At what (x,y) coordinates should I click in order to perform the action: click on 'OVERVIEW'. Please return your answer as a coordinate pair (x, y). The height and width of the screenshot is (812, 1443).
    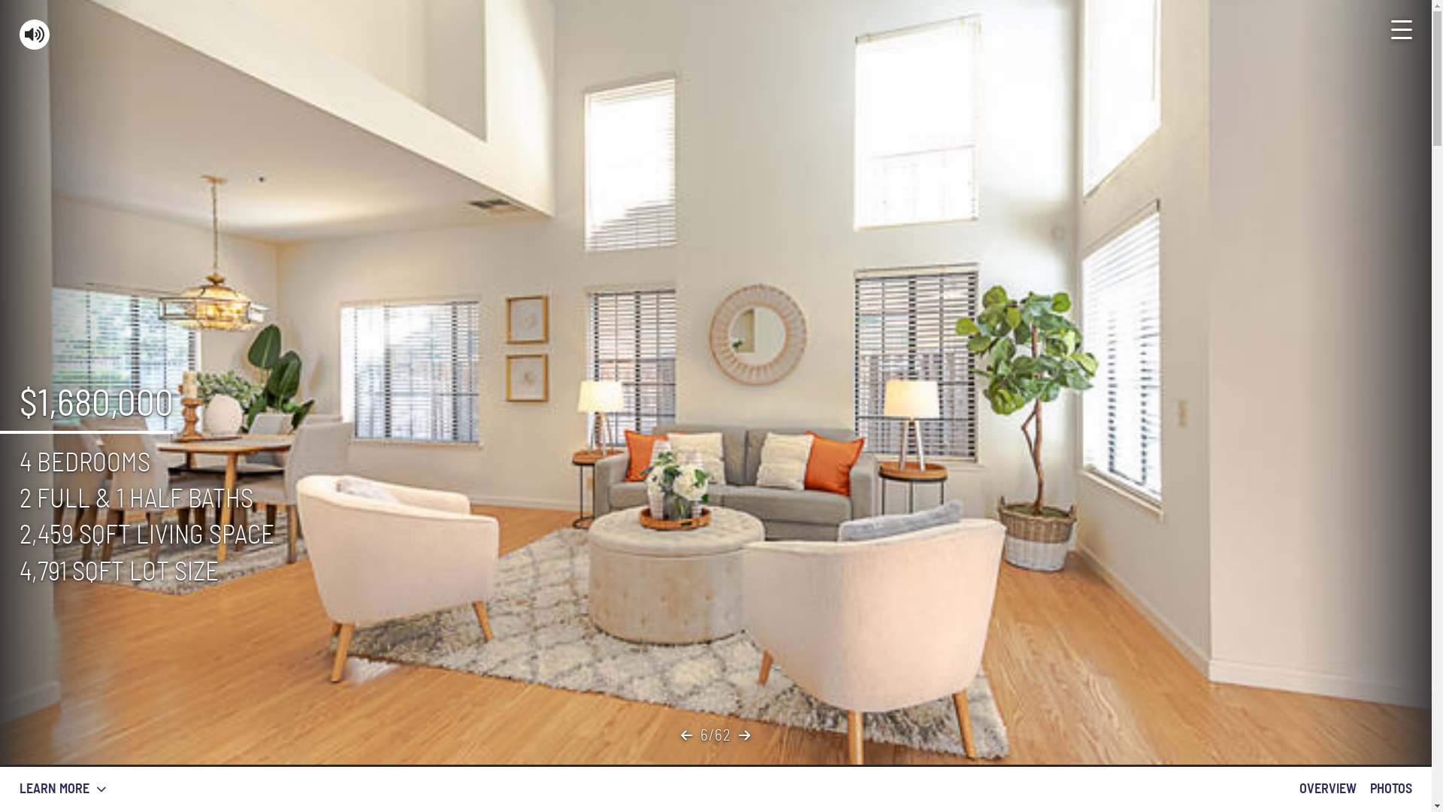
    Looking at the image, I should click on (1327, 788).